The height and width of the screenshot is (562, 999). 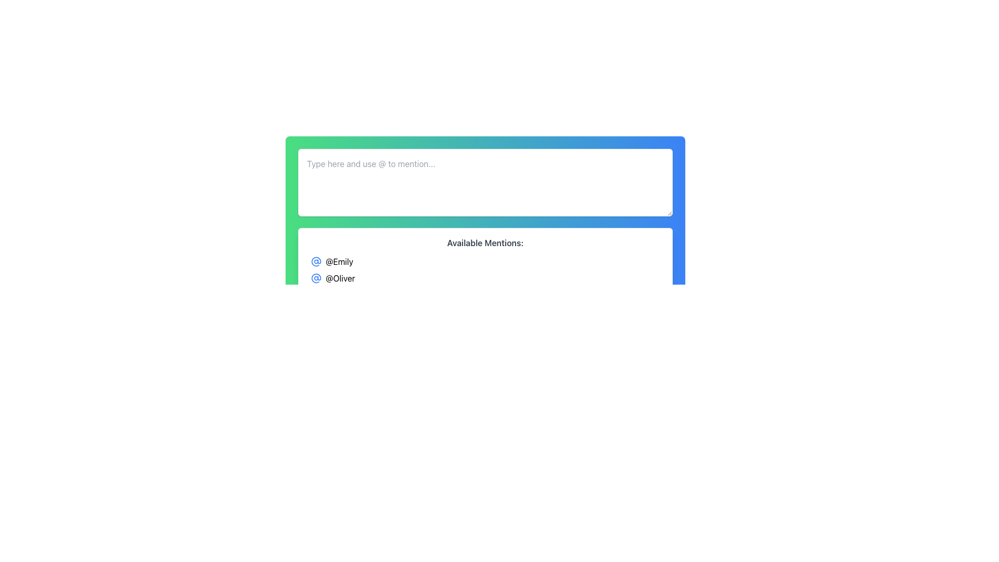 I want to click on the text label 'Available Mentions:' displayed in bold gray font, which serves as a heading or label above the list of items '@Emily', '@Oliver', and '@Jordan', so click(x=484, y=242).